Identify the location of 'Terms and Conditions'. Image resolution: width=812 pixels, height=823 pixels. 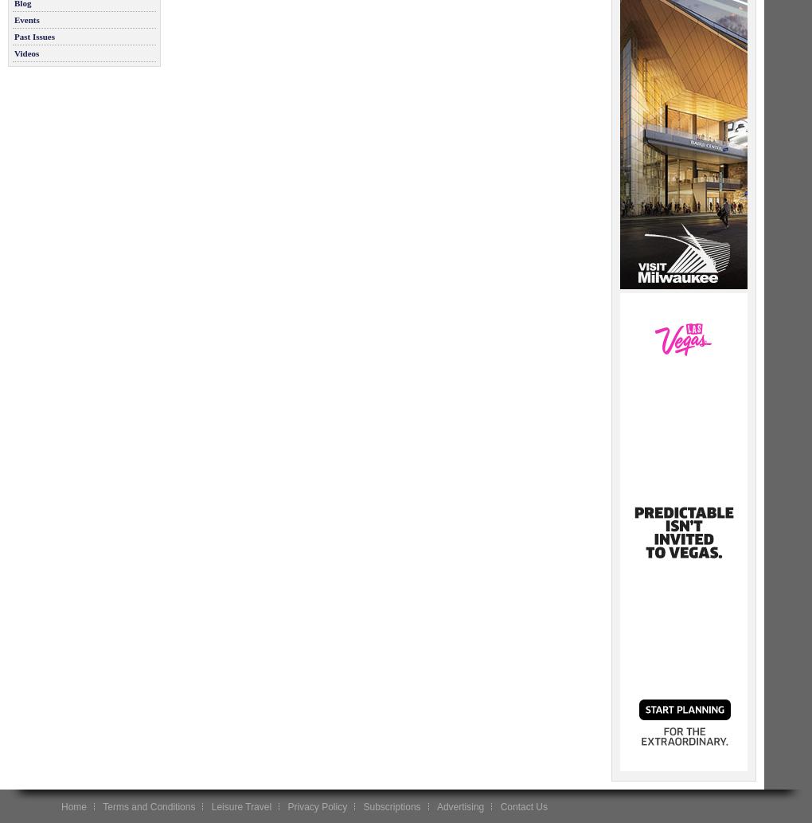
(147, 805).